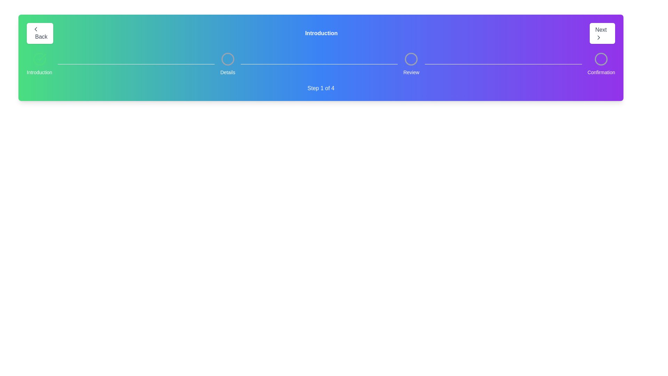  I want to click on the navigation button located at the top-right corner of the interface, so click(602, 33).